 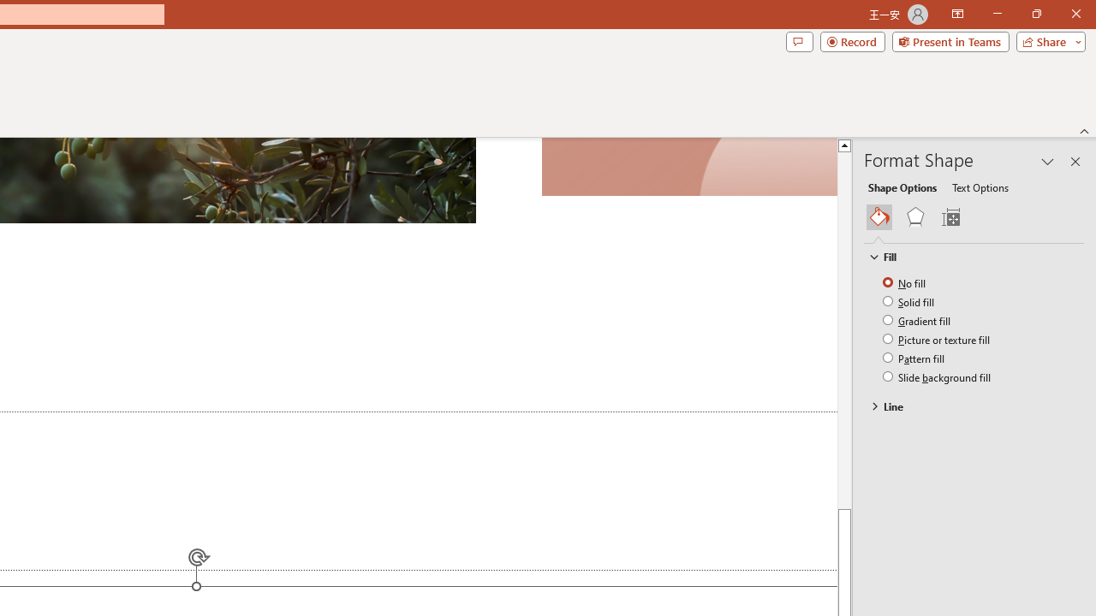 What do you see at coordinates (980, 187) in the screenshot?
I see `'Text Options'` at bounding box center [980, 187].